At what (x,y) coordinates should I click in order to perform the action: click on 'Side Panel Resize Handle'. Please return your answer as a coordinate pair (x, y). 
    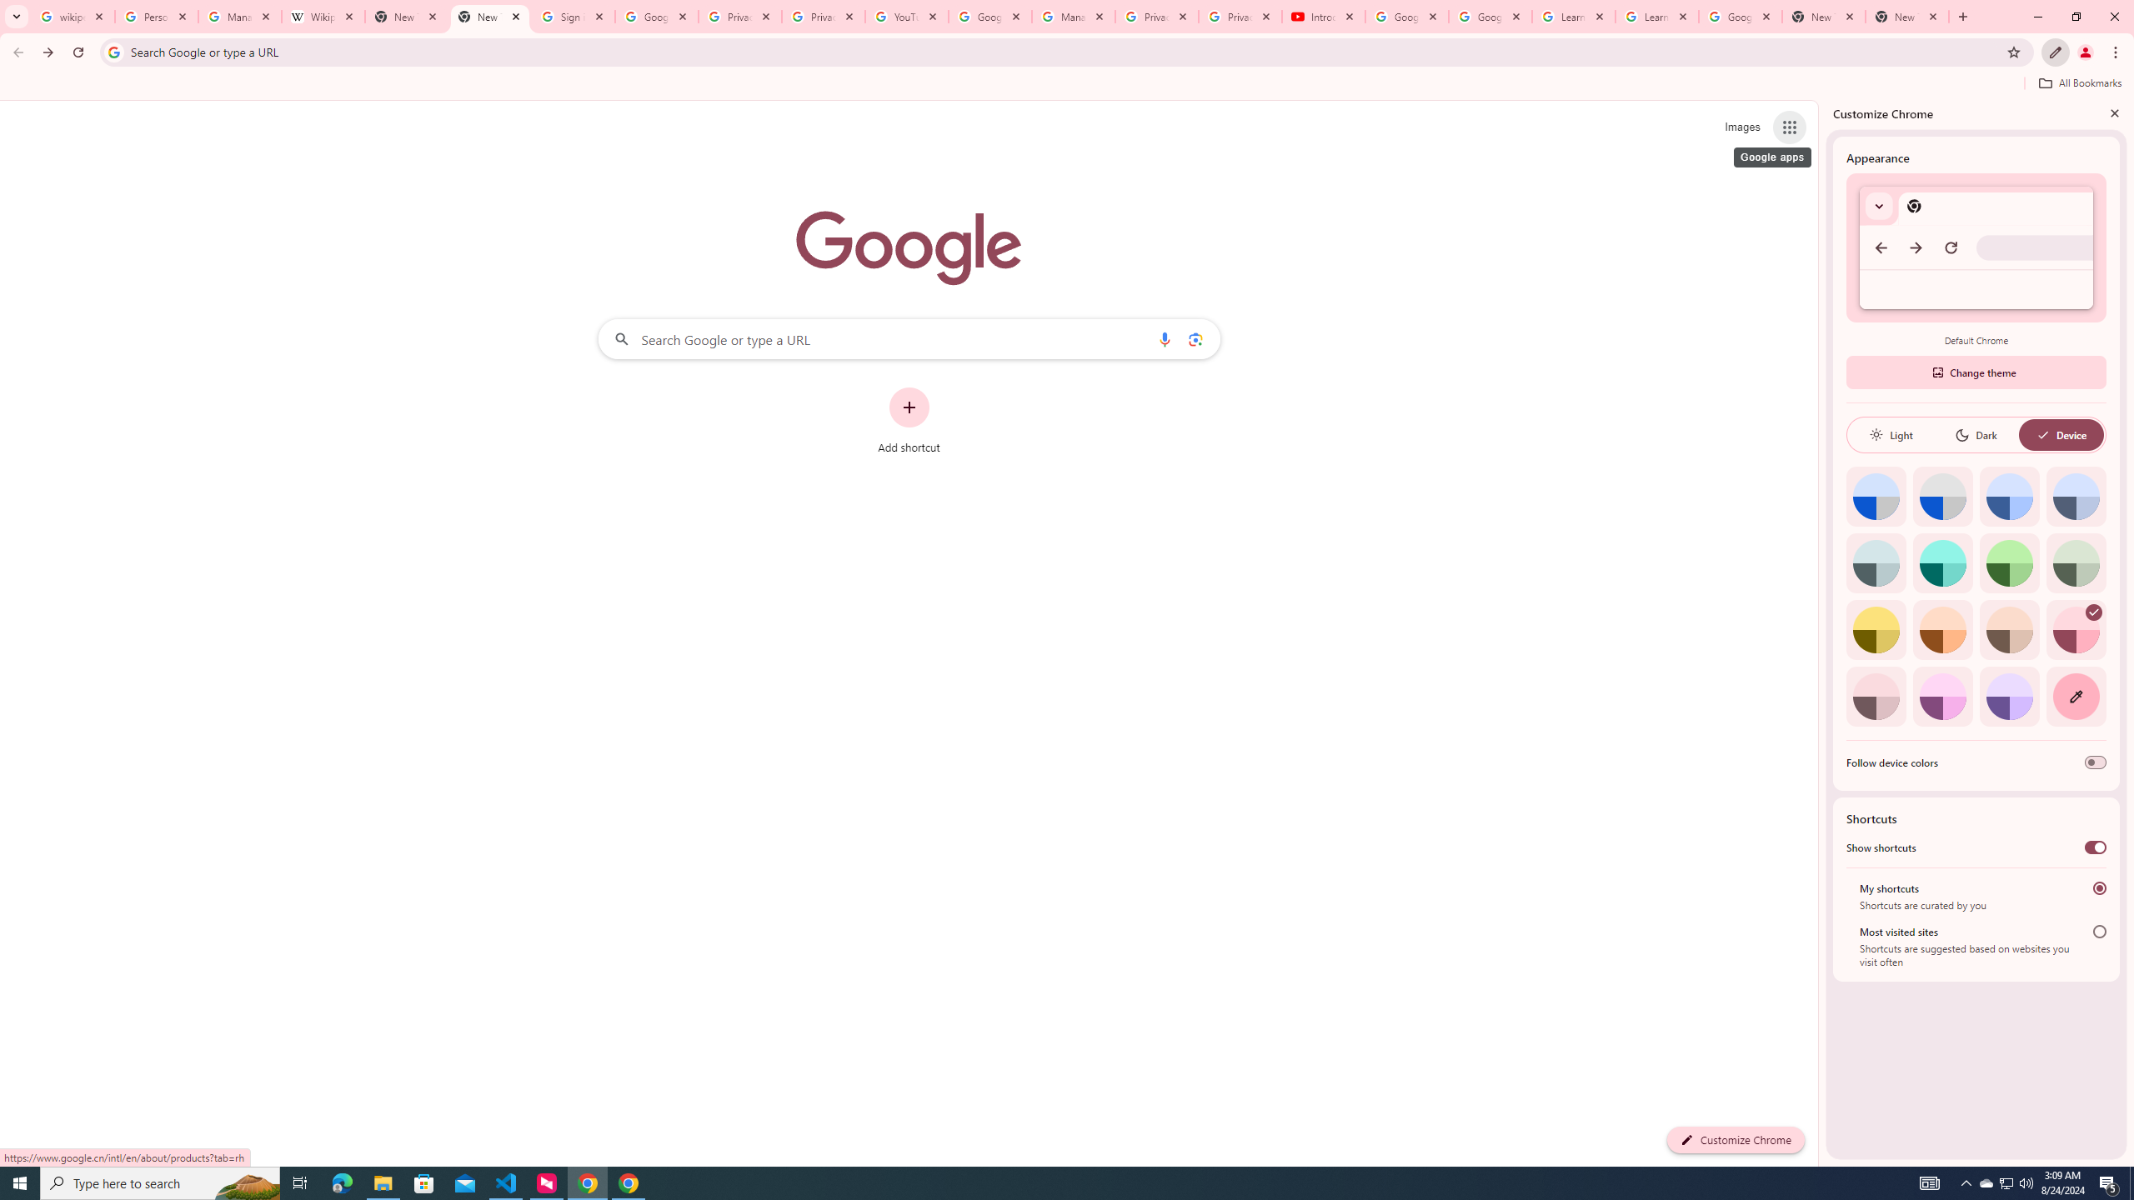
    Looking at the image, I should click on (1821, 632).